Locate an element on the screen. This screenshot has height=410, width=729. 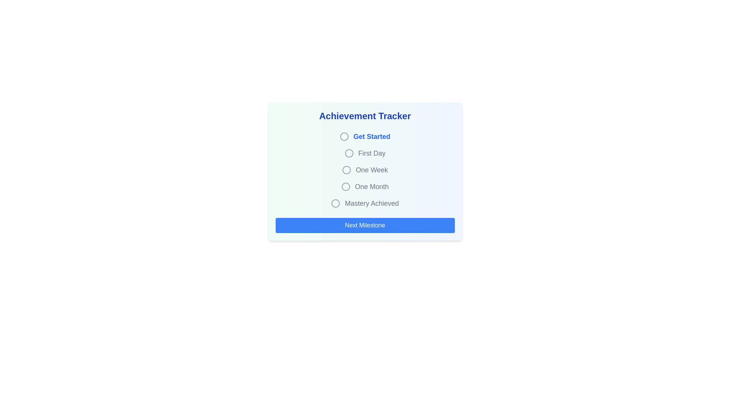
the 'Mastery Achieved' radio button in the achievement tracker interface is located at coordinates (365, 203).